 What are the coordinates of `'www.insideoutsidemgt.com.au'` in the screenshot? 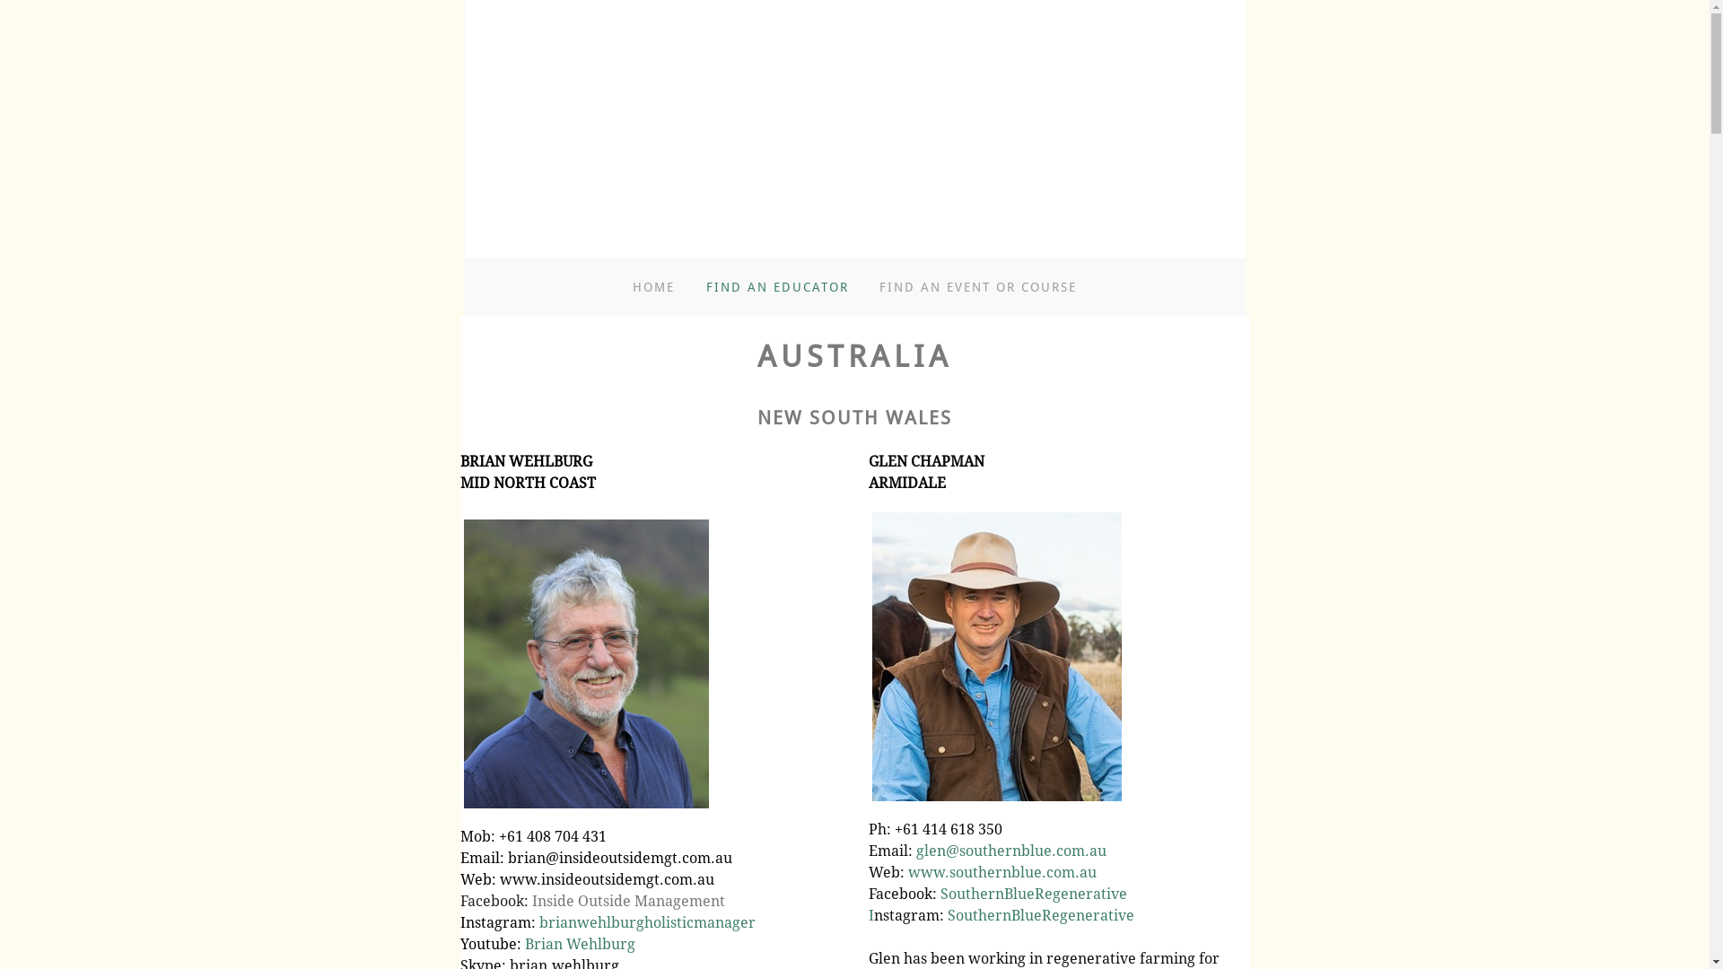 It's located at (606, 878).